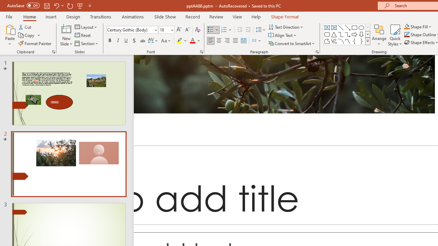 The height and width of the screenshot is (246, 438). What do you see at coordinates (23, 5) in the screenshot?
I see `'AutoSave'` at bounding box center [23, 5].